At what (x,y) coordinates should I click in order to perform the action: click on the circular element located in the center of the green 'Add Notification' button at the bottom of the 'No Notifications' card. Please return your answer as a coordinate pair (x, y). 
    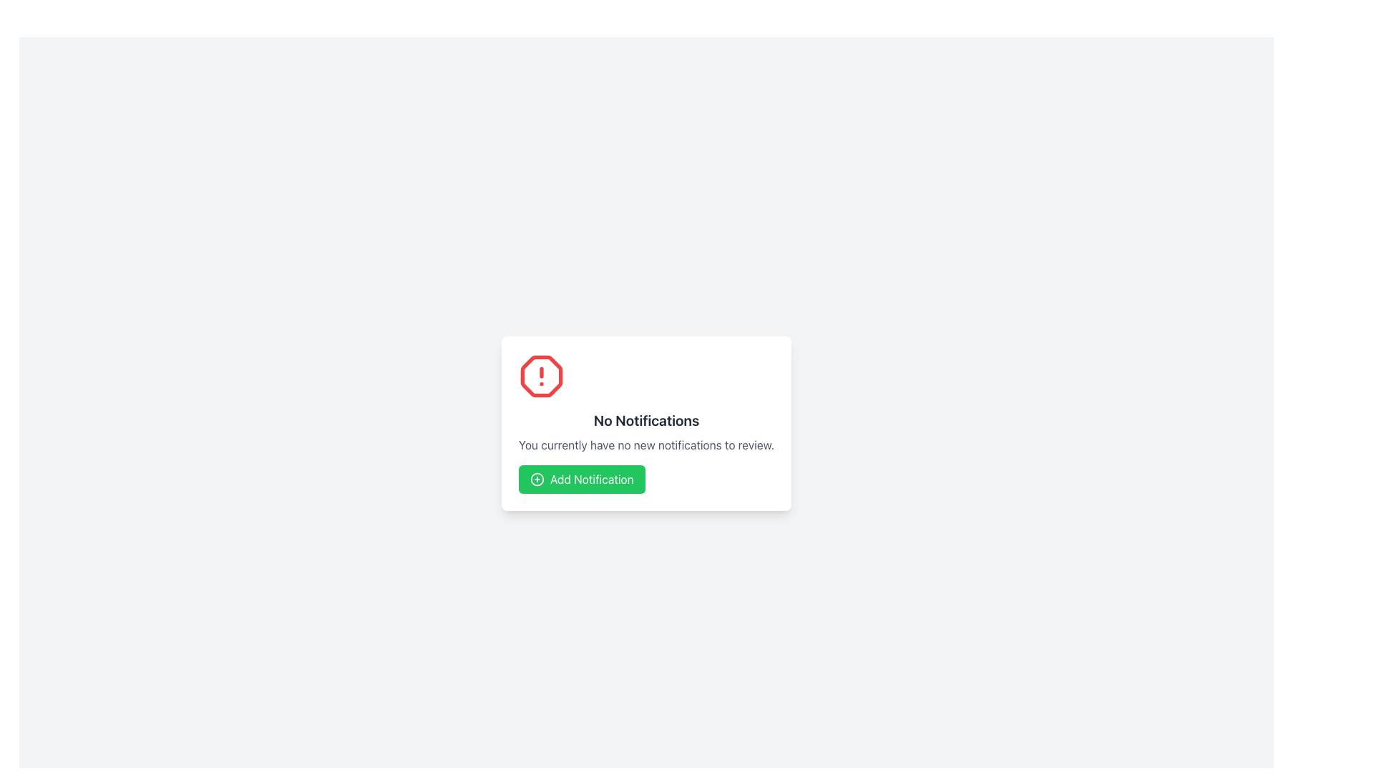
    Looking at the image, I should click on (536, 480).